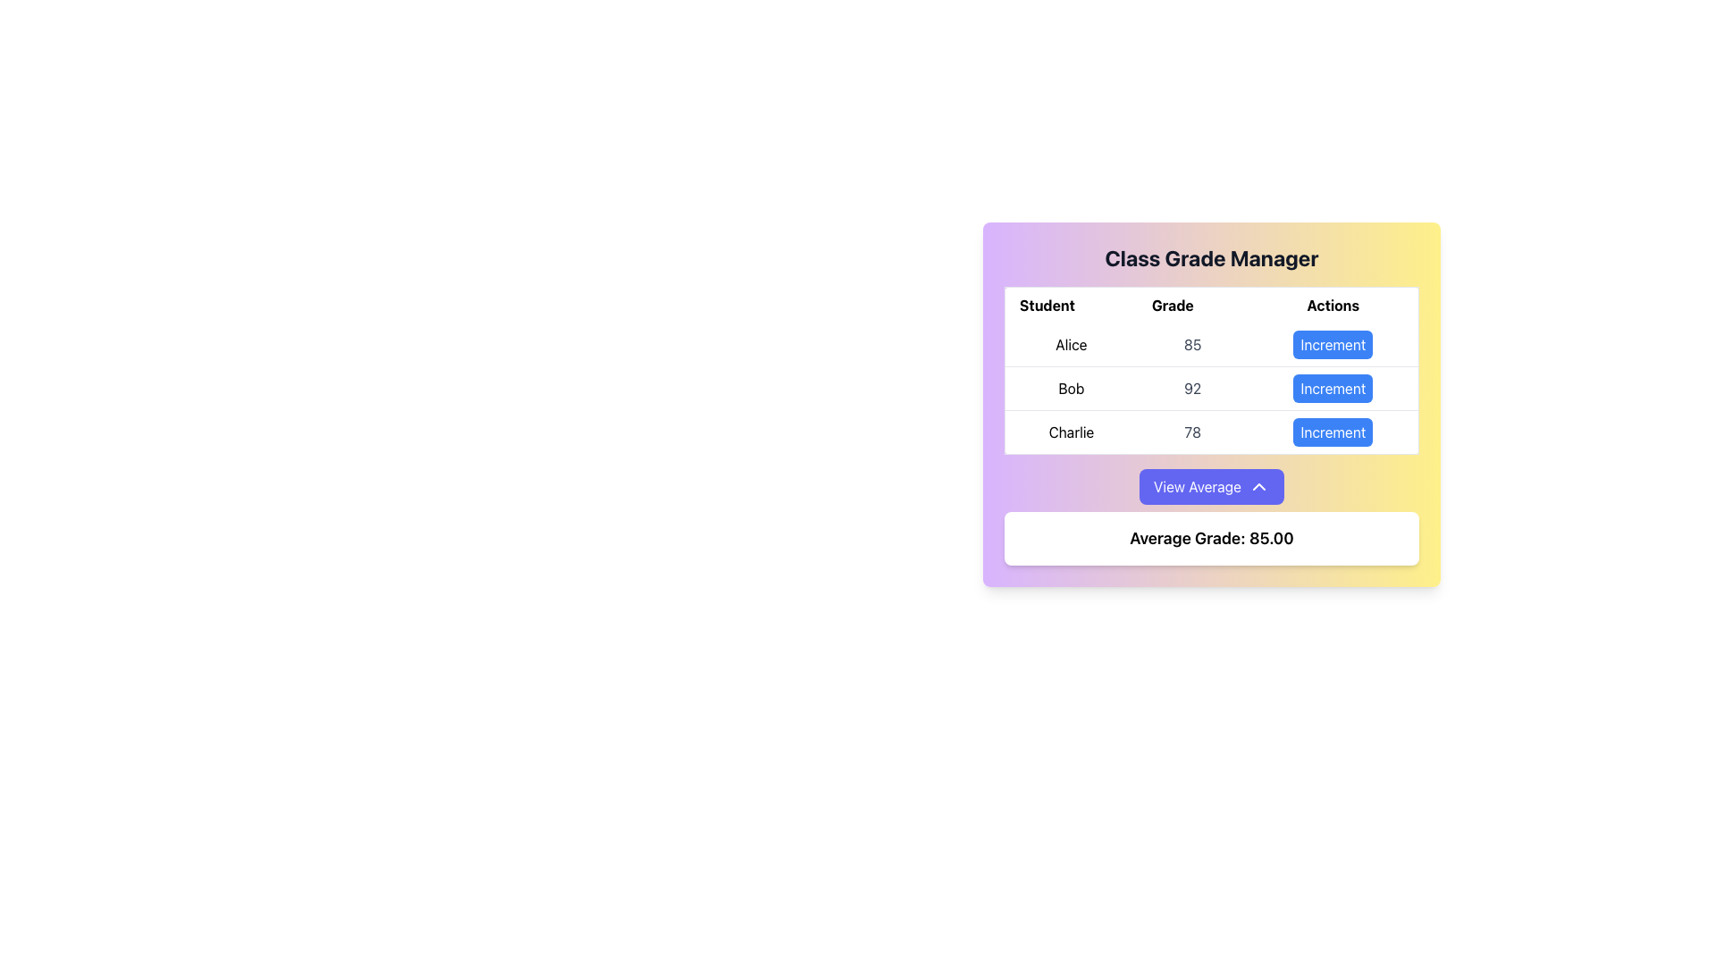 The image size is (1716, 965). What do you see at coordinates (1333, 344) in the screenshot?
I see `the 'Increment' button for student 'Alice' in the 'Actions' column of the 'Class Grade Manager'` at bounding box center [1333, 344].